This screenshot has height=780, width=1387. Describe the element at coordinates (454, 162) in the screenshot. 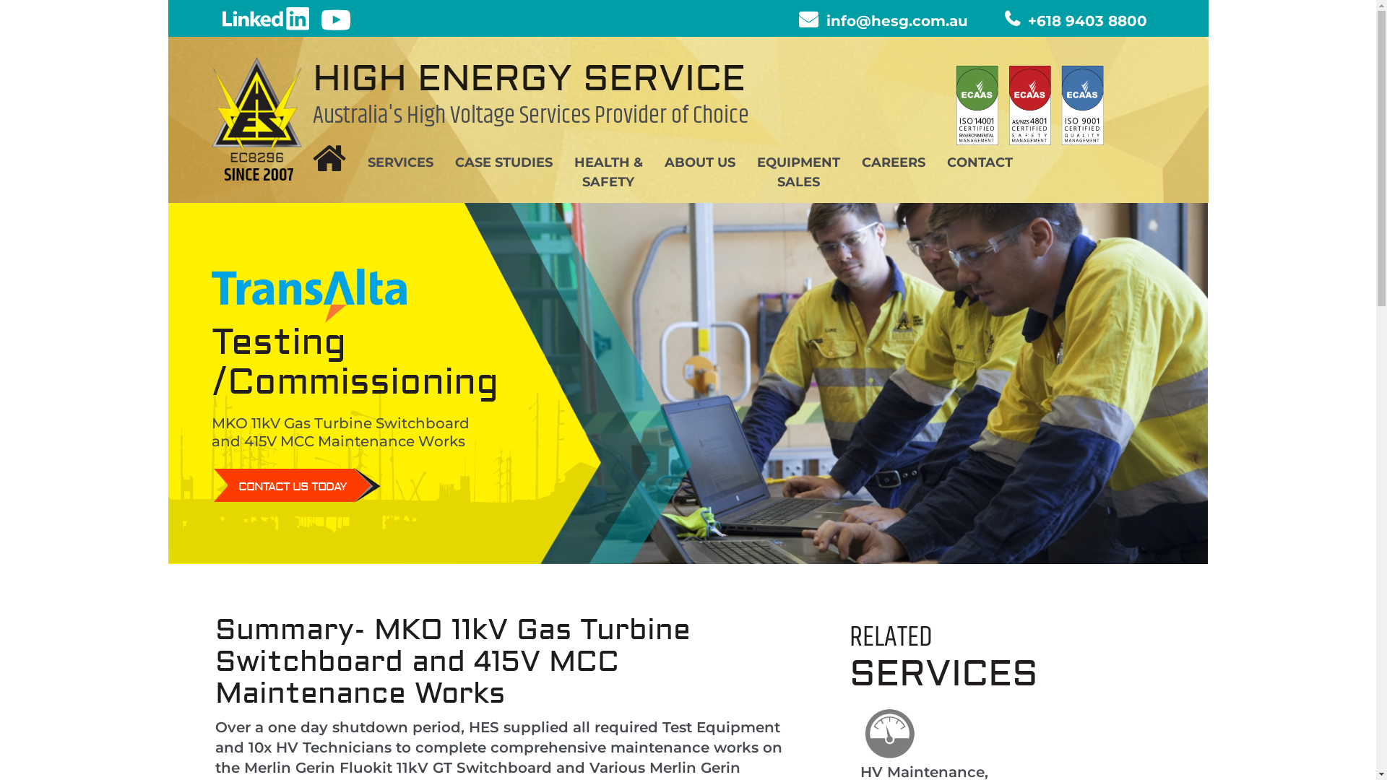

I see `'CASE STUDIES'` at that location.